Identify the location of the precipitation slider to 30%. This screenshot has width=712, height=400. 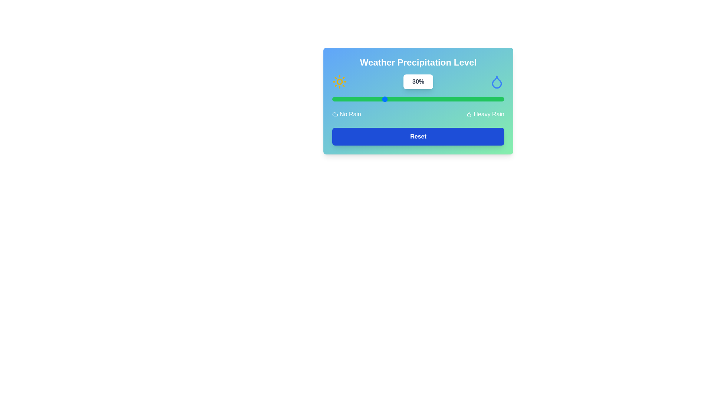
(384, 99).